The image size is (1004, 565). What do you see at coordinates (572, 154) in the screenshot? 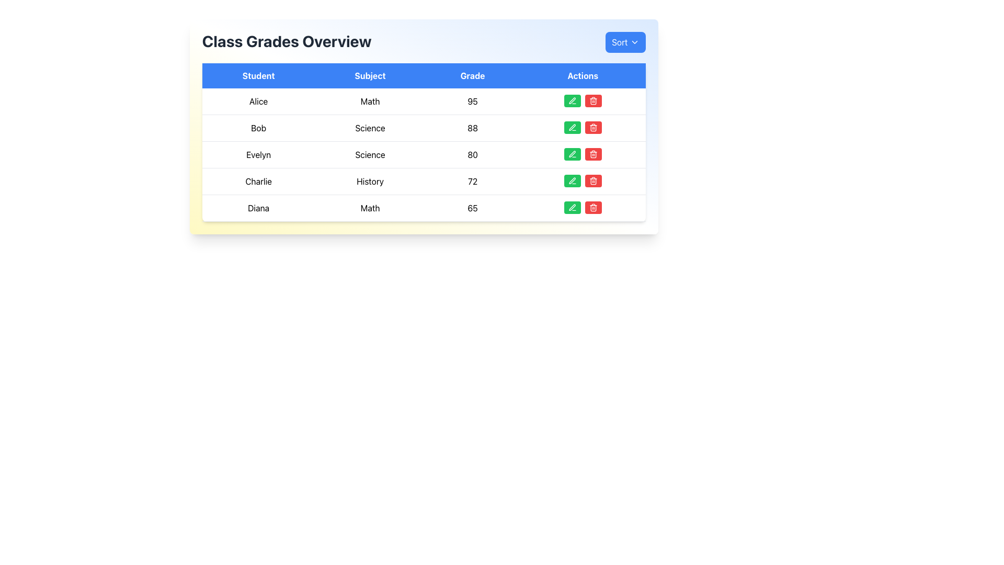
I see `the edit icon within the green button located in the Actions column for Evelyn's Science score` at bounding box center [572, 154].